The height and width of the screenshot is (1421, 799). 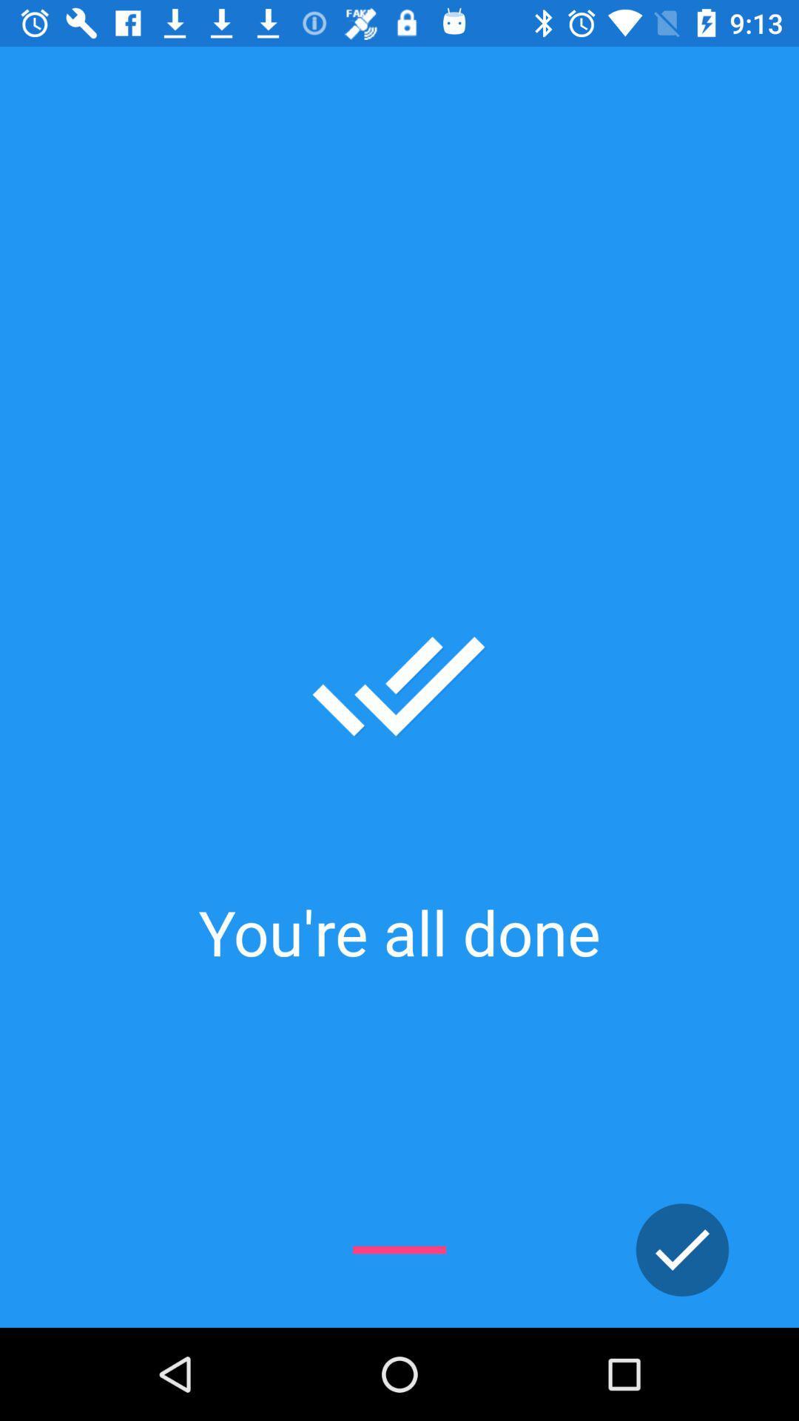 I want to click on the check icon, so click(x=682, y=1249).